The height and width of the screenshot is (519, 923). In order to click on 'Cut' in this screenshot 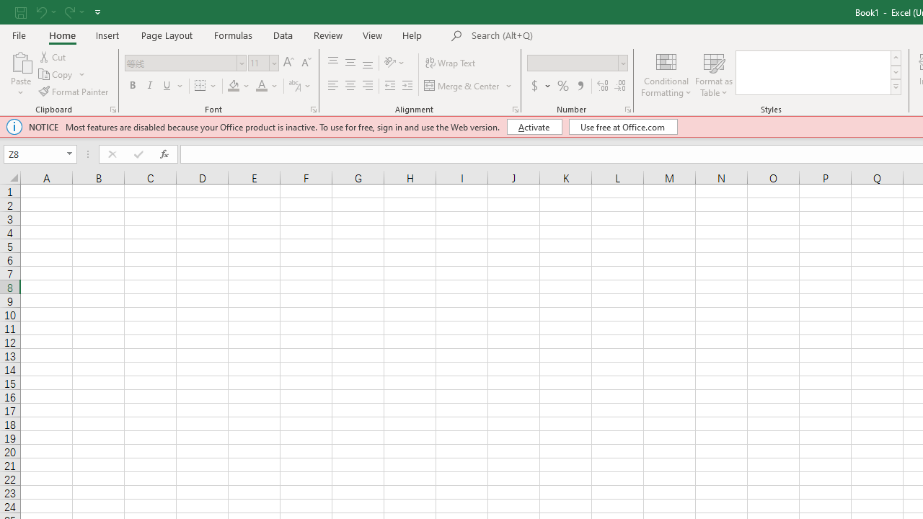, I will do `click(53, 56)`.